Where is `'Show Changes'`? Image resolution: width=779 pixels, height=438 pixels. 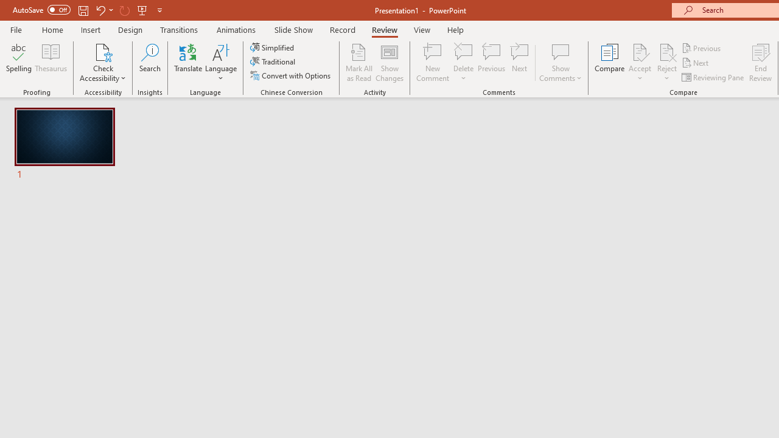
'Show Changes' is located at coordinates (389, 63).